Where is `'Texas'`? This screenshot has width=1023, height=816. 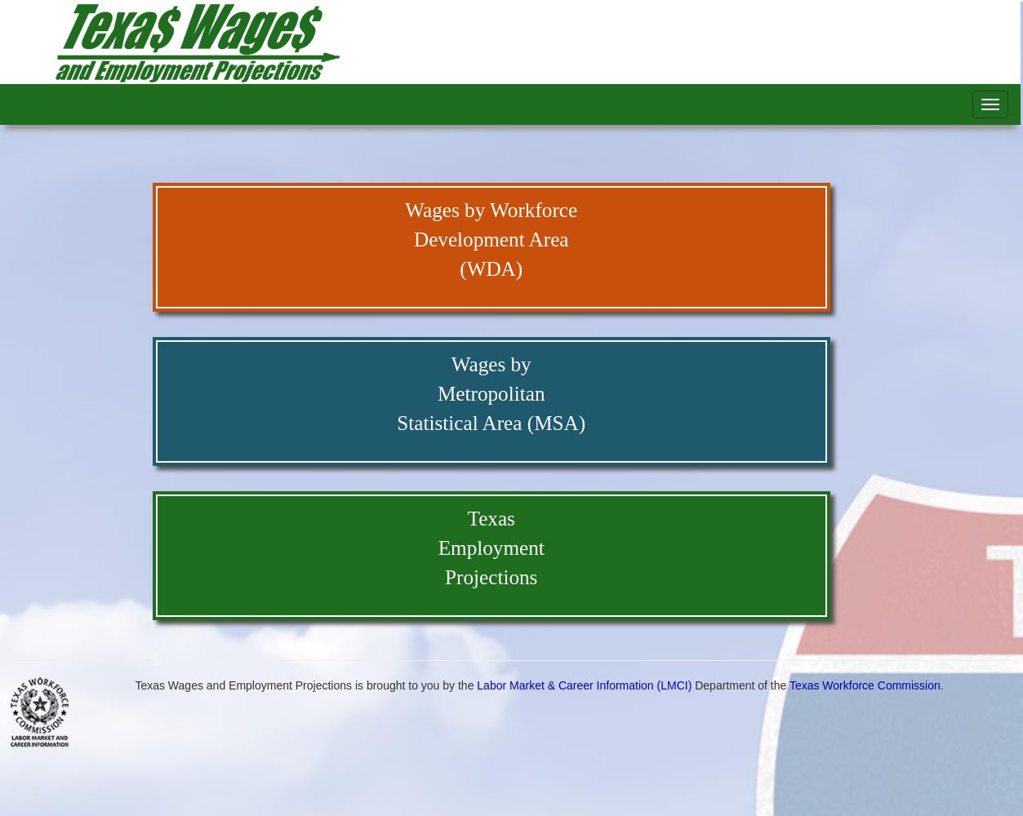
'Texas' is located at coordinates (490, 518).